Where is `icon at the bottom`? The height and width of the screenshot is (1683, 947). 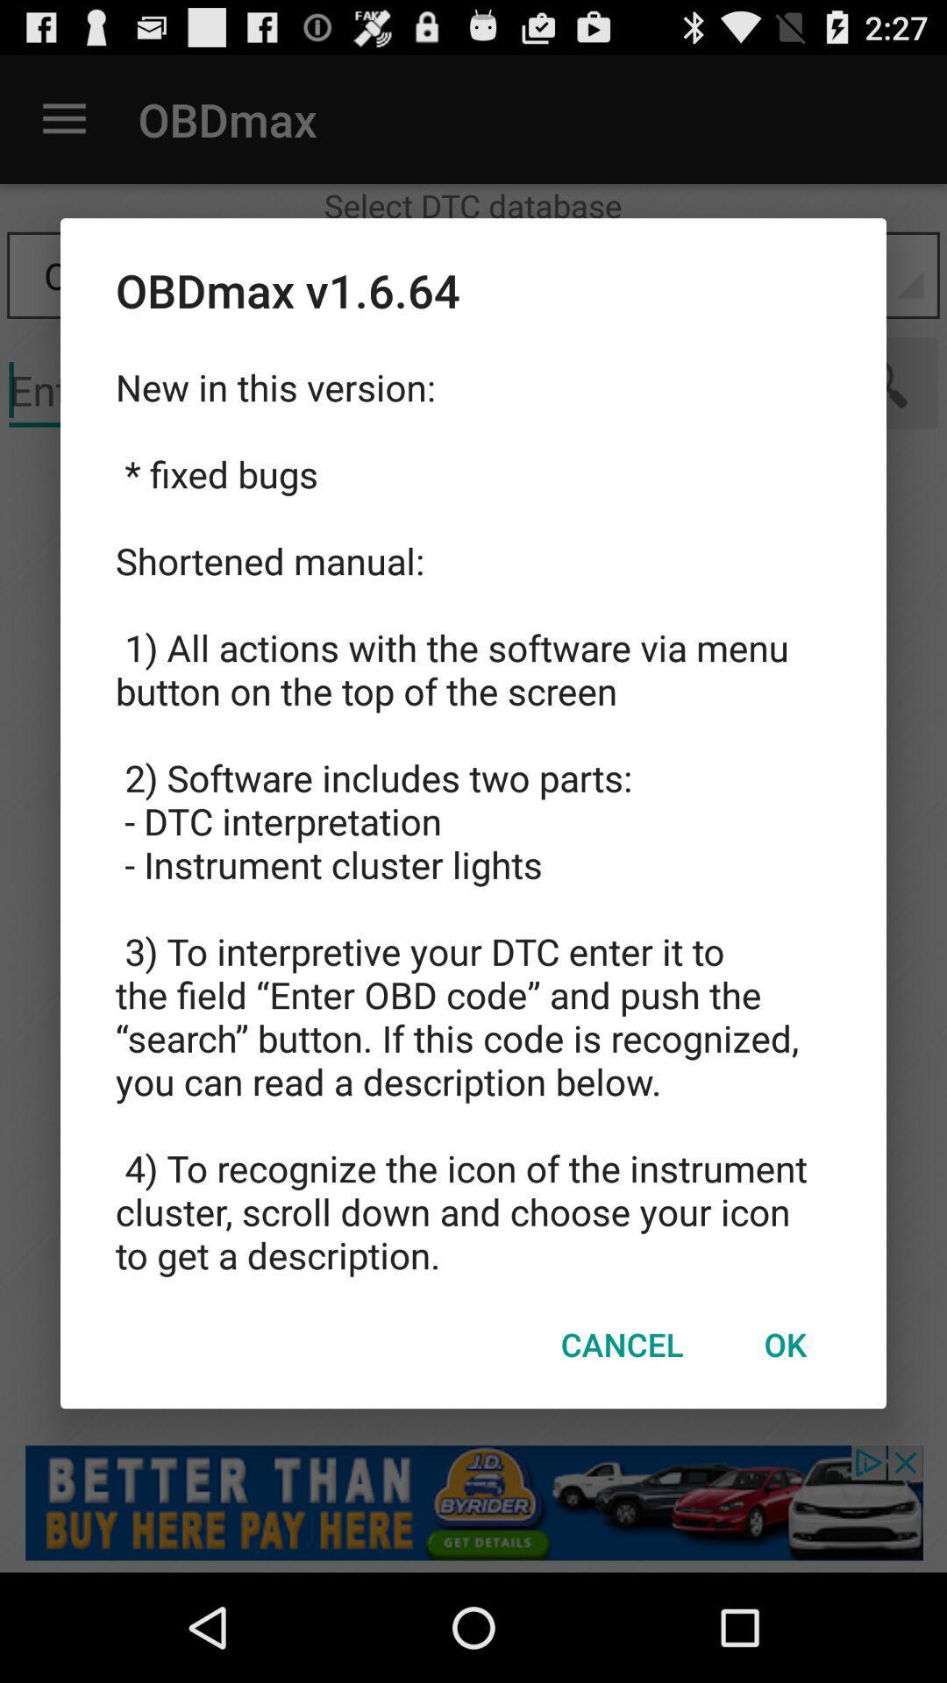 icon at the bottom is located at coordinates (621, 1343).